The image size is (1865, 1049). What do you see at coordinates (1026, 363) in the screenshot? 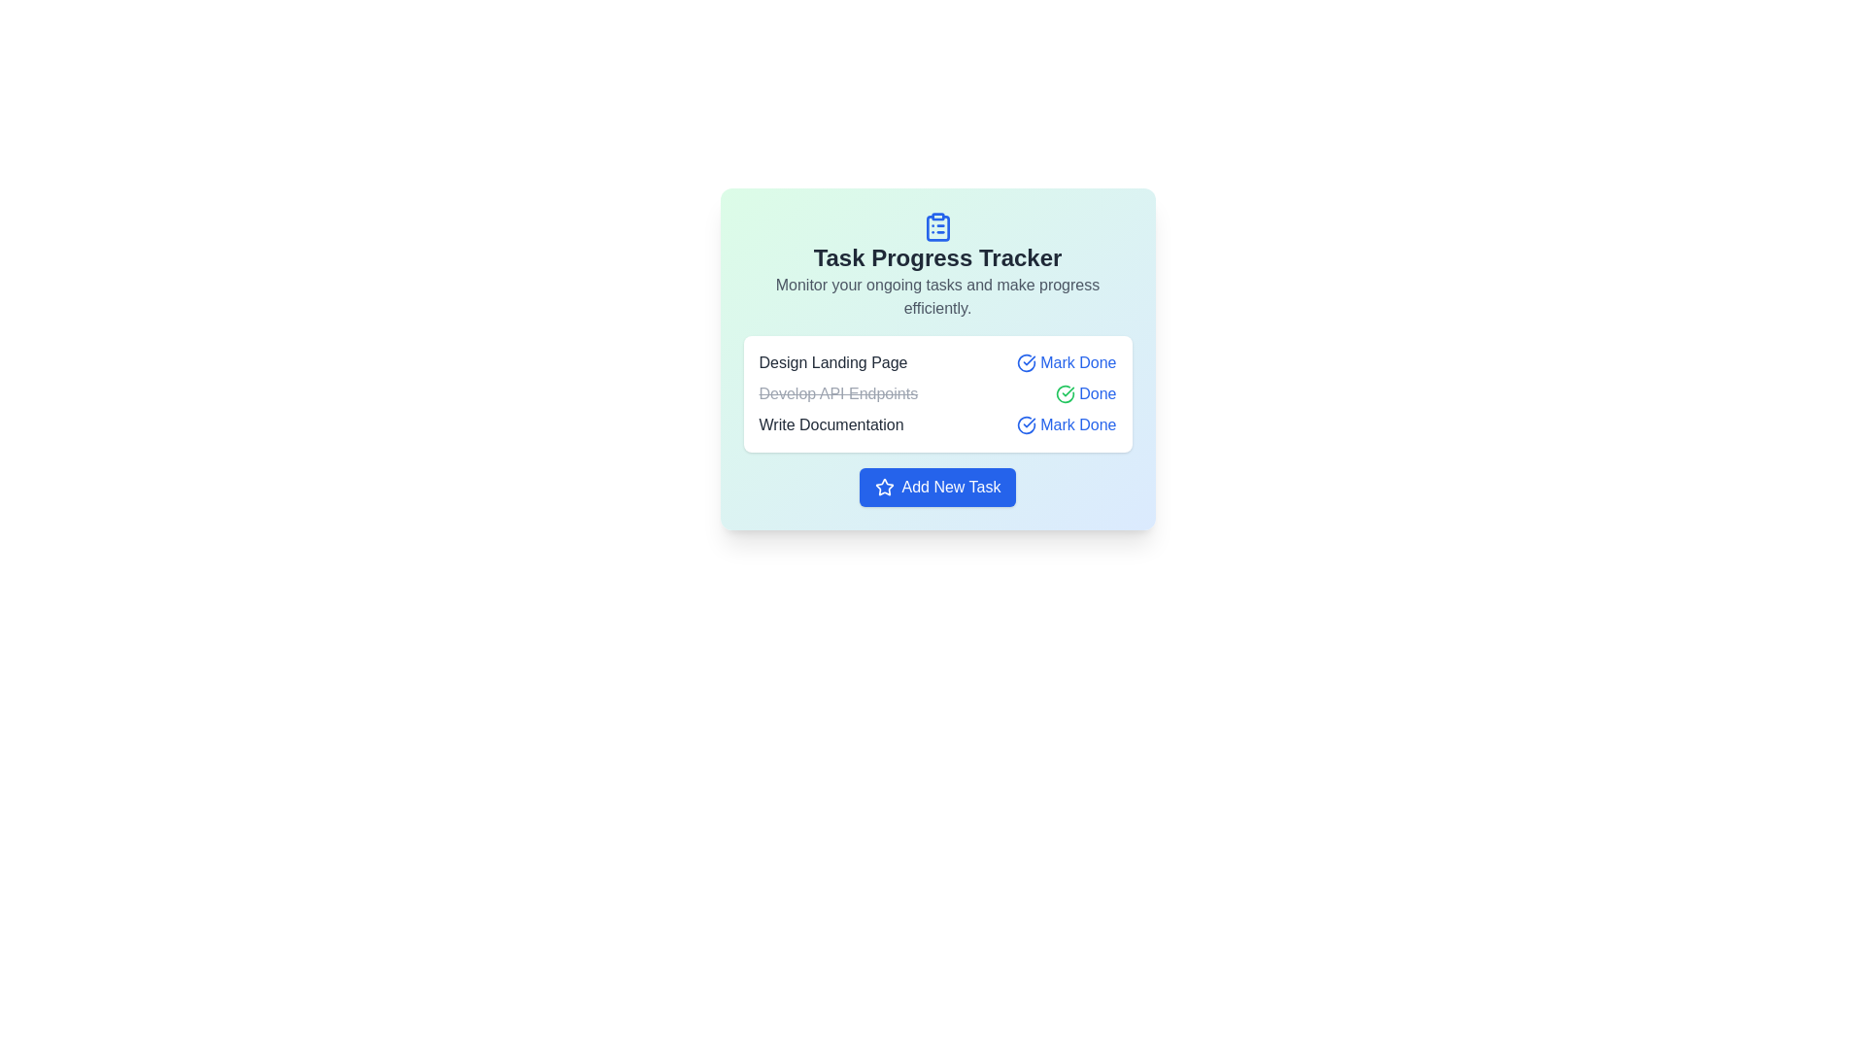
I see `the blue circular icon with a check mark inside, which indicates a completed task, located inside the 'Mark Done' button in the task list` at bounding box center [1026, 363].